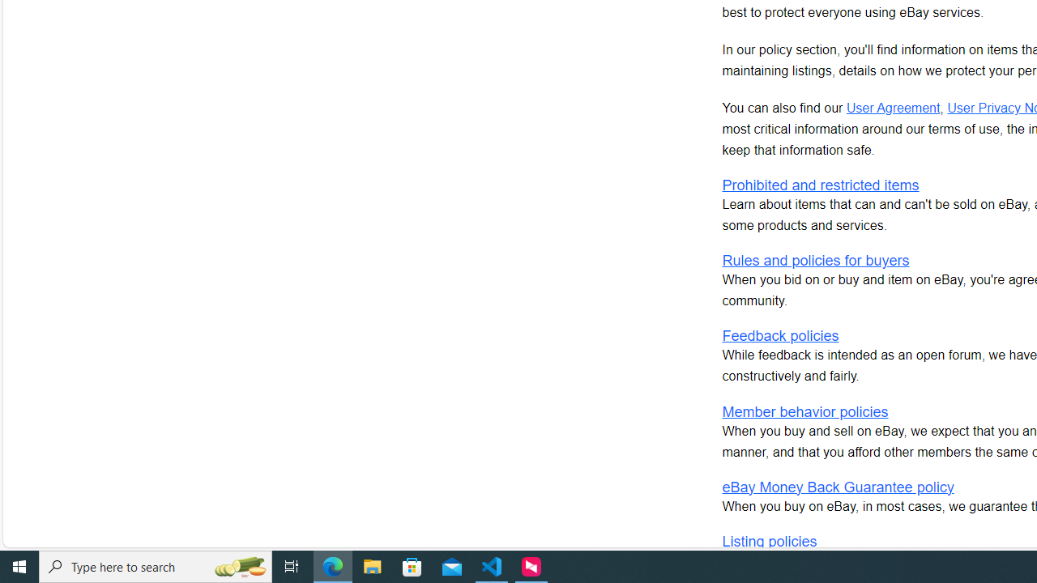 Image resolution: width=1037 pixels, height=583 pixels. Describe the element at coordinates (892, 107) in the screenshot. I see `'User Agreement'` at that location.